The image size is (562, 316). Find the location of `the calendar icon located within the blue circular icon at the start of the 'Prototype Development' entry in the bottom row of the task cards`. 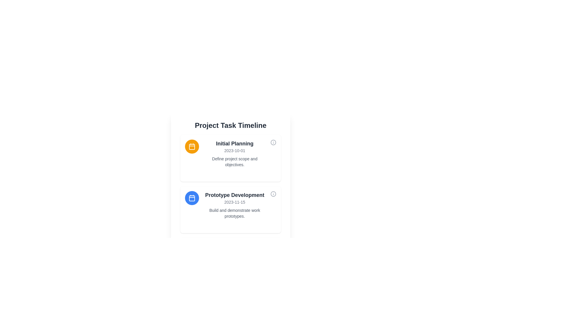

the calendar icon located within the blue circular icon at the start of the 'Prototype Development' entry in the bottom row of the task cards is located at coordinates (192, 198).